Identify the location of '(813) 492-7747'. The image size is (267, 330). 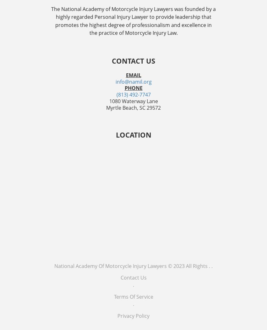
(133, 95).